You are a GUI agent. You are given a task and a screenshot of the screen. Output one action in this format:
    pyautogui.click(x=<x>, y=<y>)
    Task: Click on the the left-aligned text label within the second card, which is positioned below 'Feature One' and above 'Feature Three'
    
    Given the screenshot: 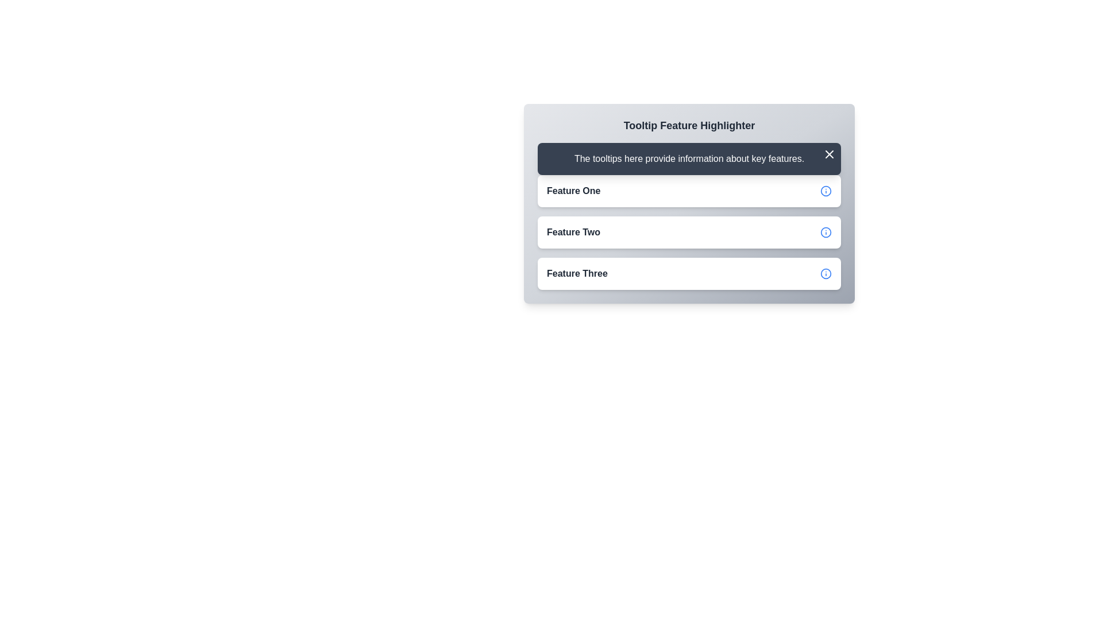 What is the action you would take?
    pyautogui.click(x=573, y=232)
    